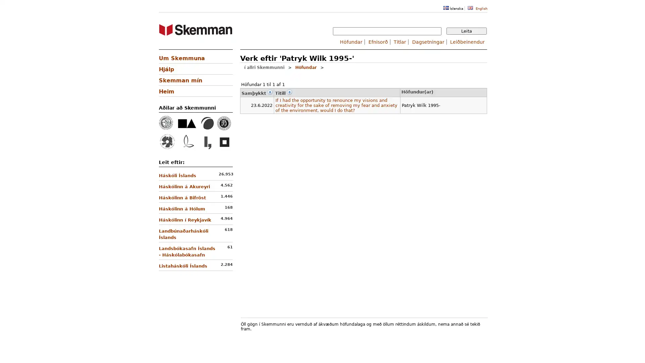 This screenshot has width=645, height=363. What do you see at coordinates (466, 31) in the screenshot?
I see `Leita` at bounding box center [466, 31].